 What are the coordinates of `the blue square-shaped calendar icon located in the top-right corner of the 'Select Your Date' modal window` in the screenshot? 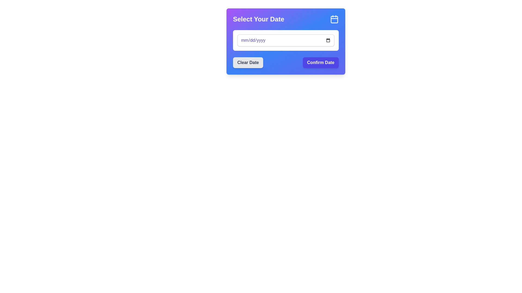 It's located at (334, 19).